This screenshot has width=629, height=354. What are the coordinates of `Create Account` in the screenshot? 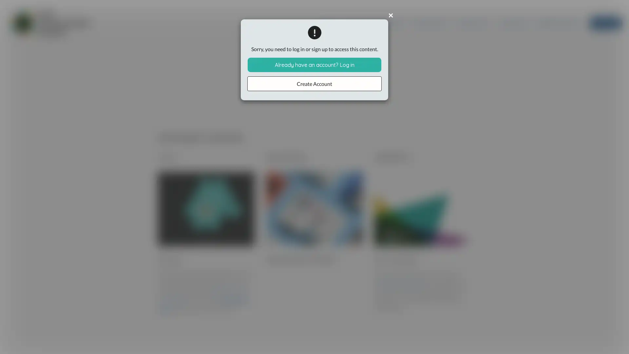 It's located at (314, 83).